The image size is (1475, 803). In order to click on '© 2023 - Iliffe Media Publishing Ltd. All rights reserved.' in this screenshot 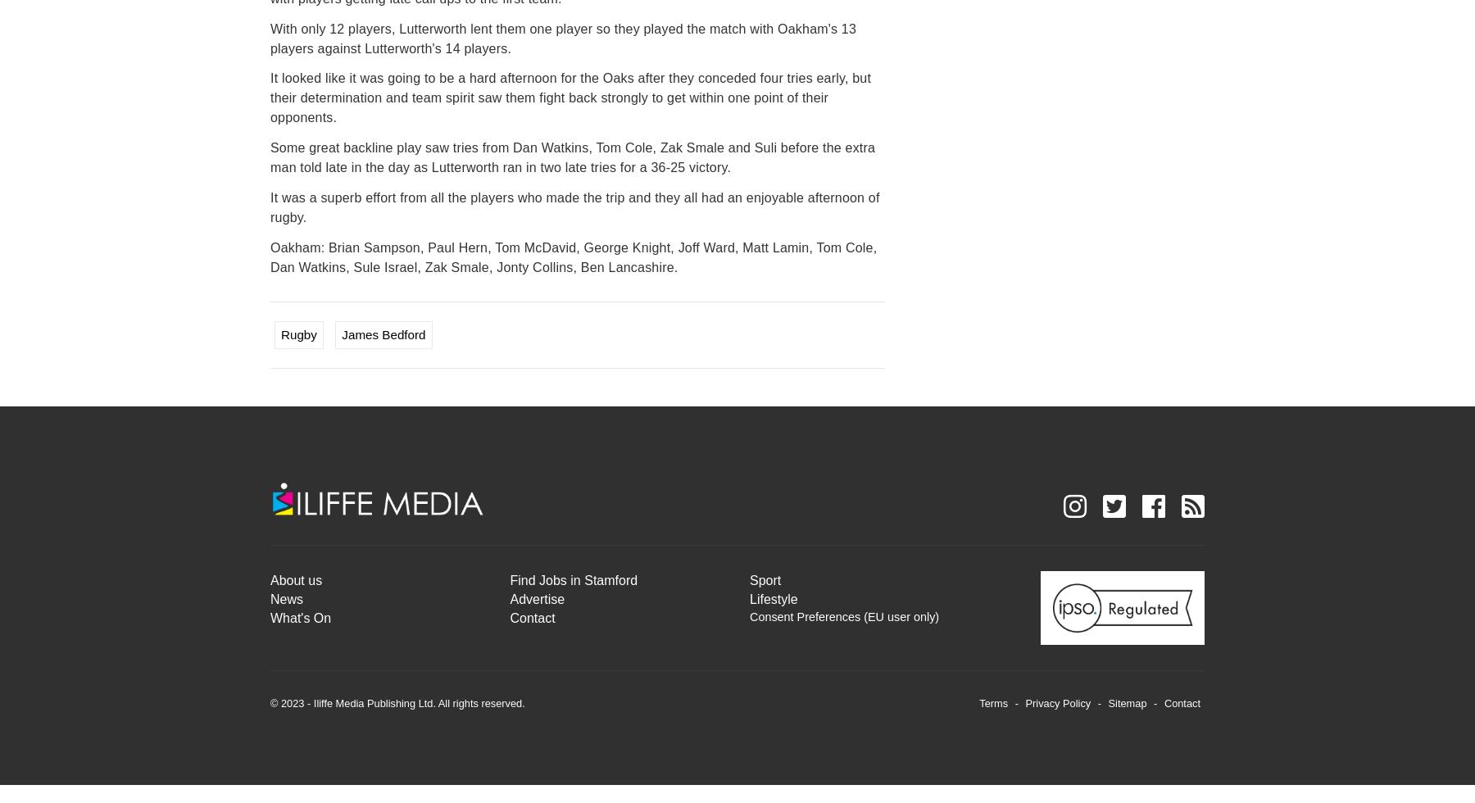, I will do `click(396, 702)`.